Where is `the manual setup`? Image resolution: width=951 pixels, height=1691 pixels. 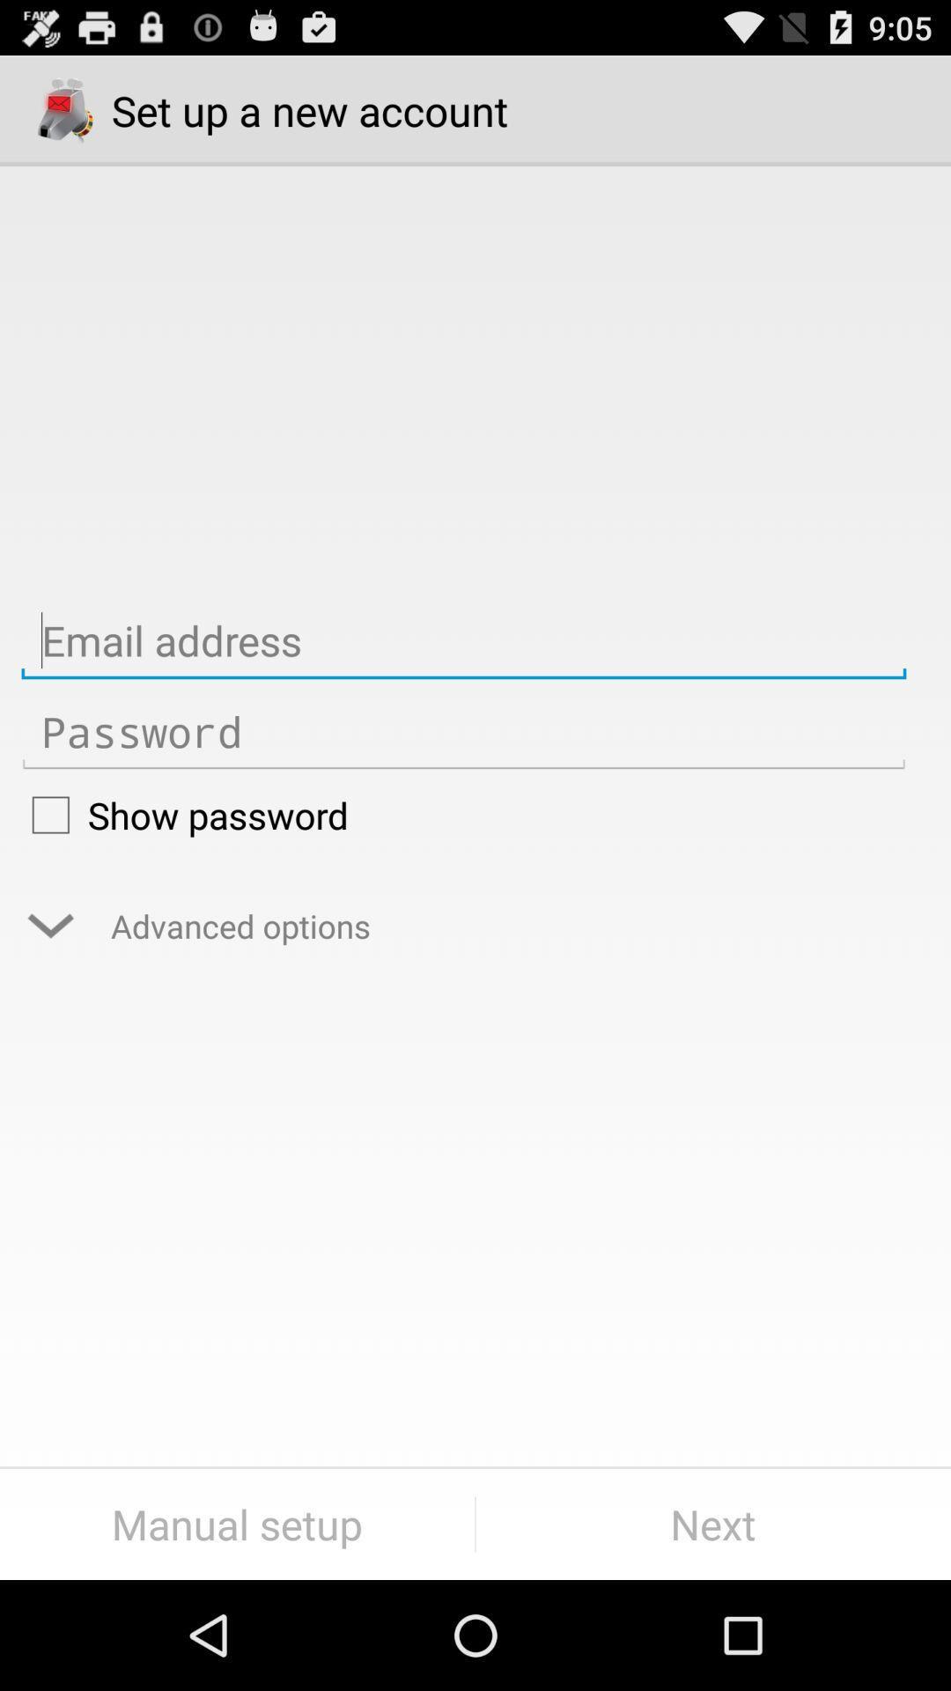 the manual setup is located at coordinates (236, 1524).